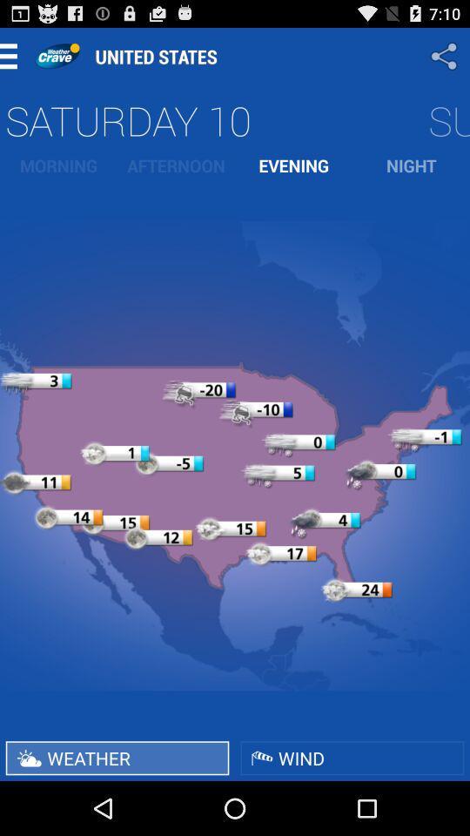  Describe the element at coordinates (446, 56) in the screenshot. I see `share` at that location.